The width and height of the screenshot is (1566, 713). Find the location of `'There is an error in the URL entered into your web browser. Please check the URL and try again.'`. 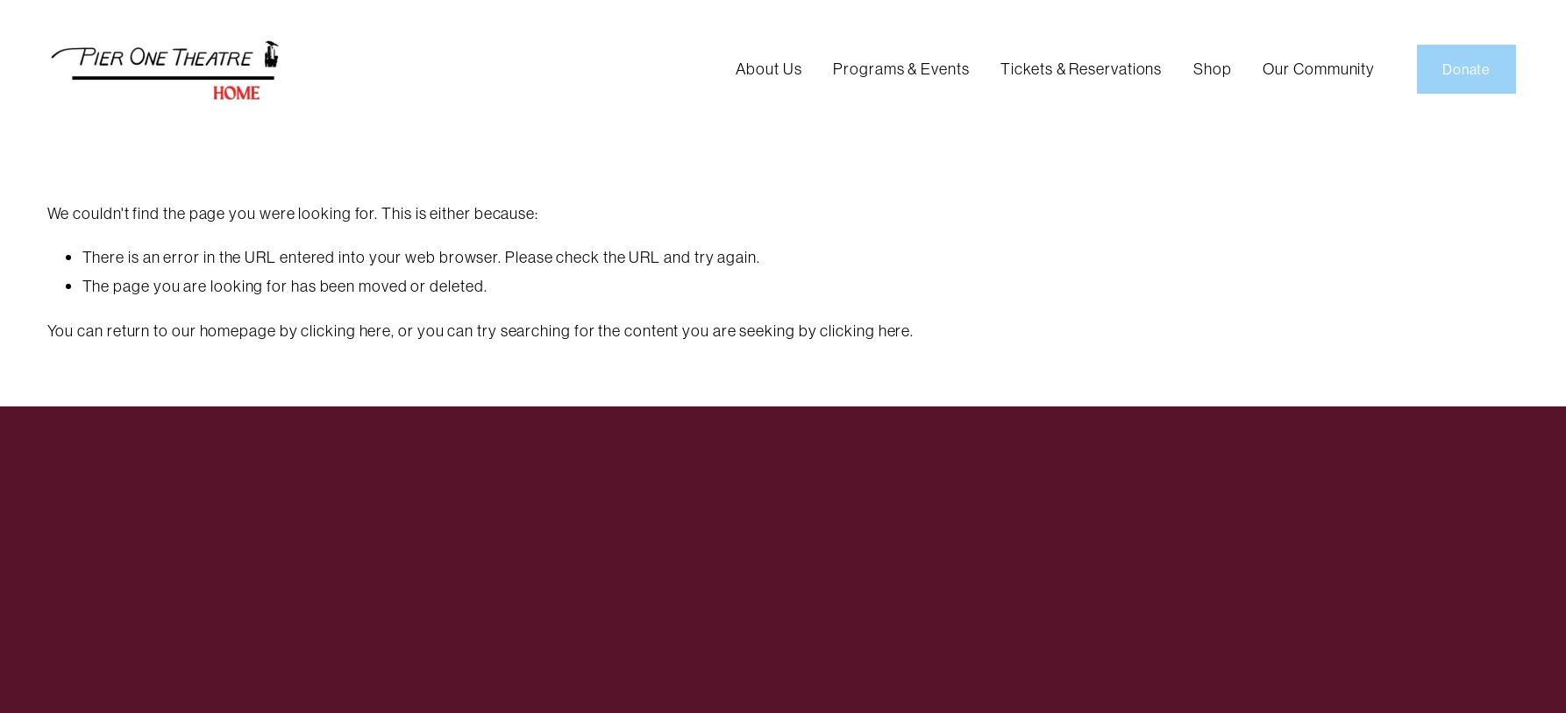

'There is an error in the URL entered into your web browser. Please check the URL and try again.' is located at coordinates (82, 257).